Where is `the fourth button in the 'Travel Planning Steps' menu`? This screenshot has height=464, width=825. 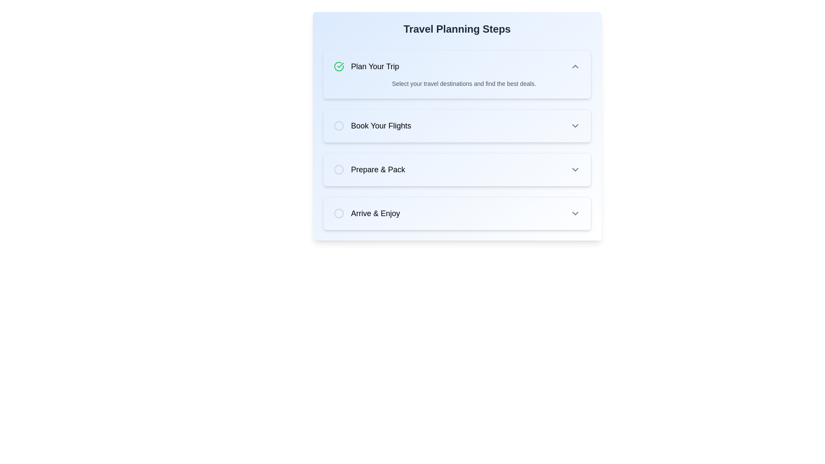 the fourth button in the 'Travel Planning Steps' menu is located at coordinates (457, 213).